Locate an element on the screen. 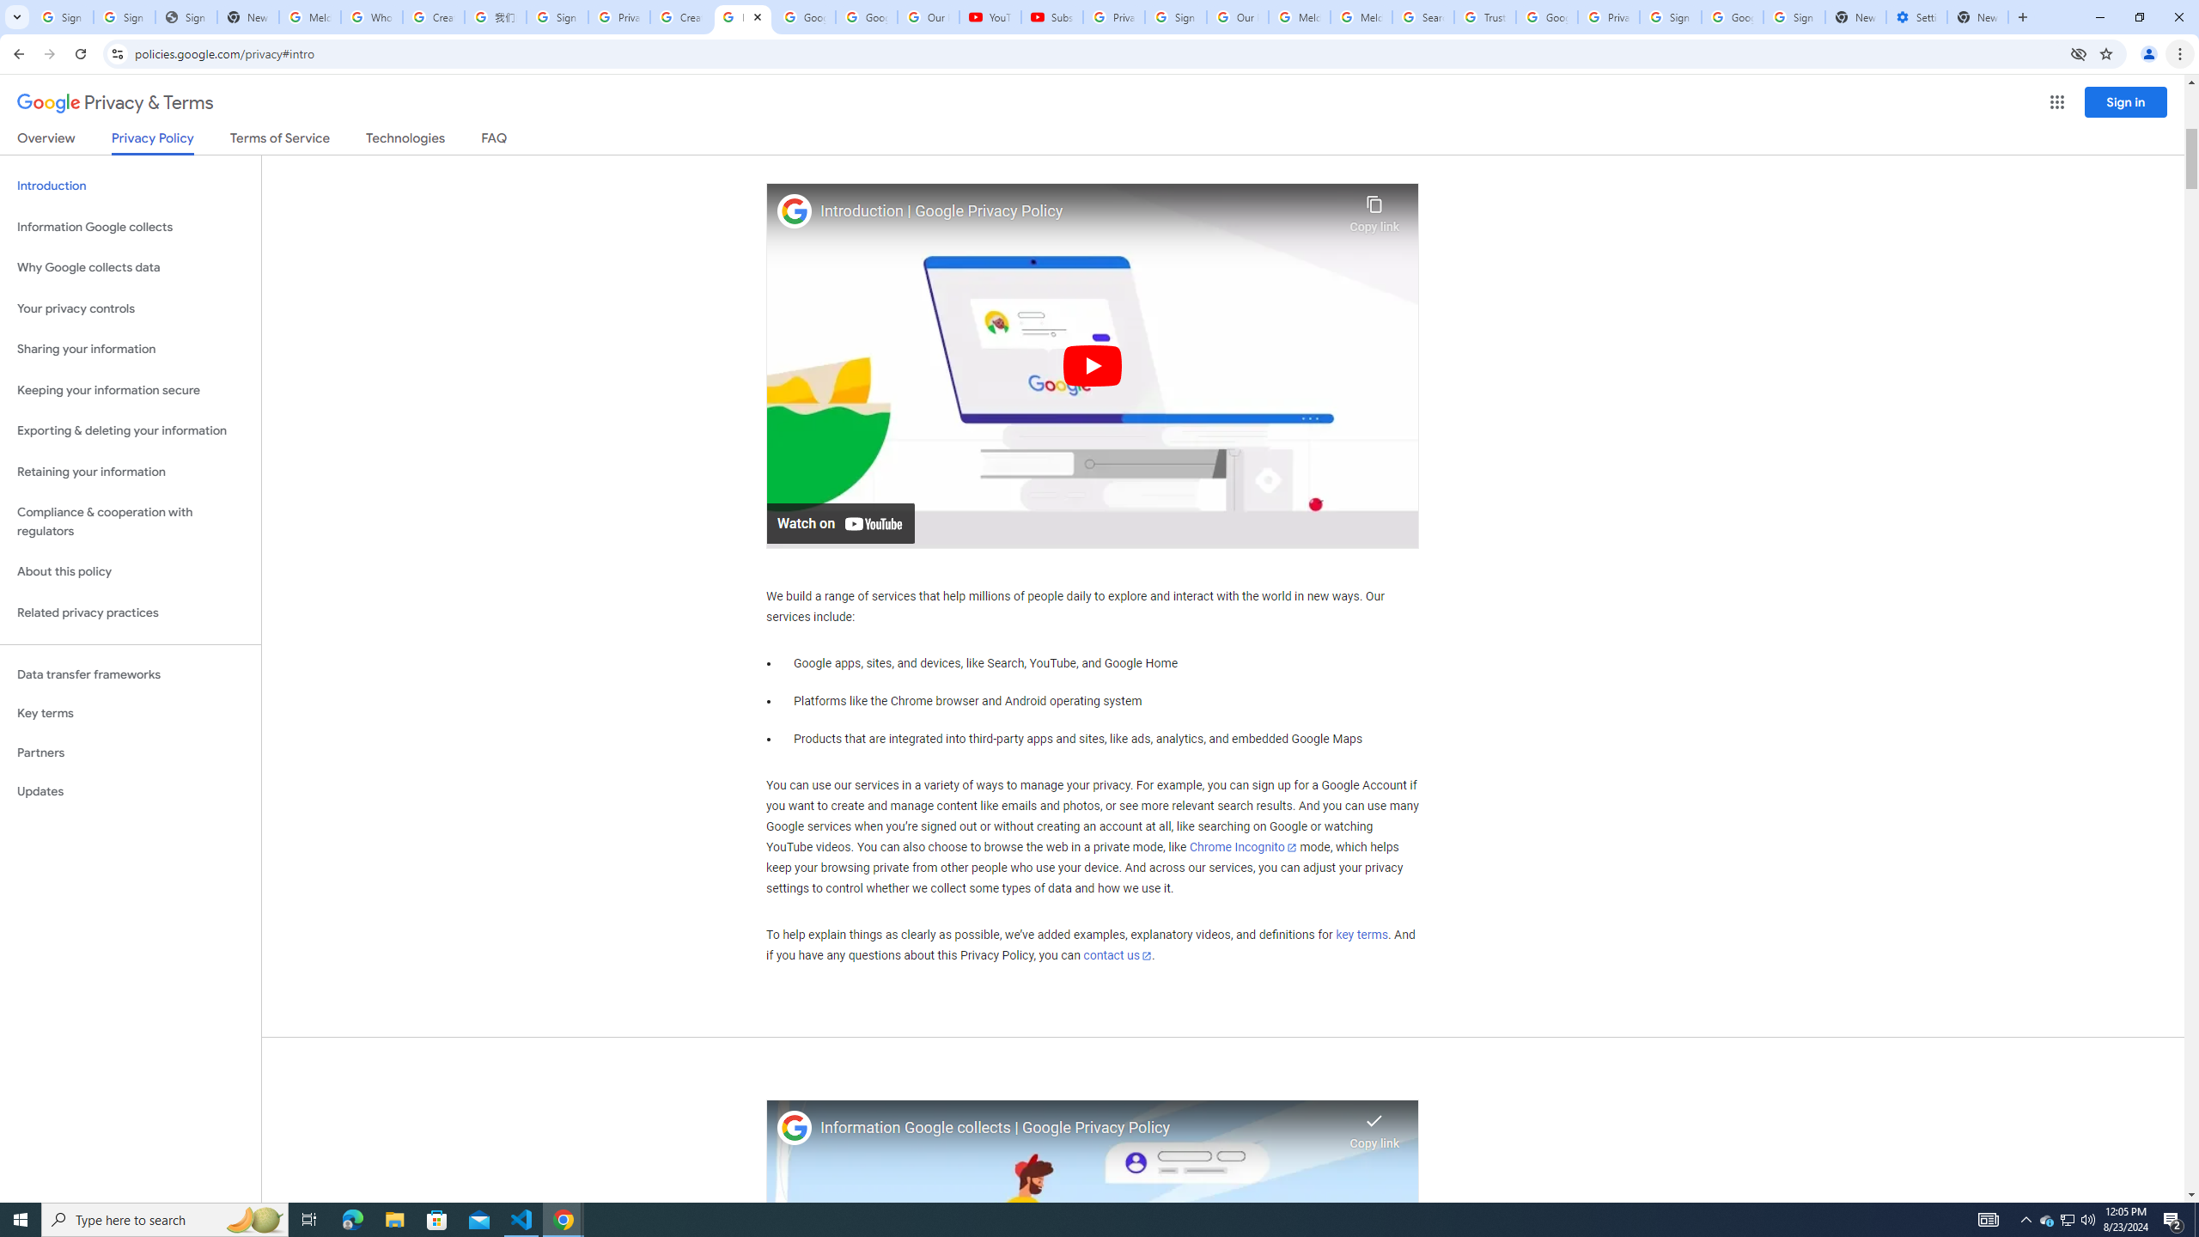 The height and width of the screenshot is (1237, 2199). 'Who is my administrator? - Google Account Help' is located at coordinates (371, 16).